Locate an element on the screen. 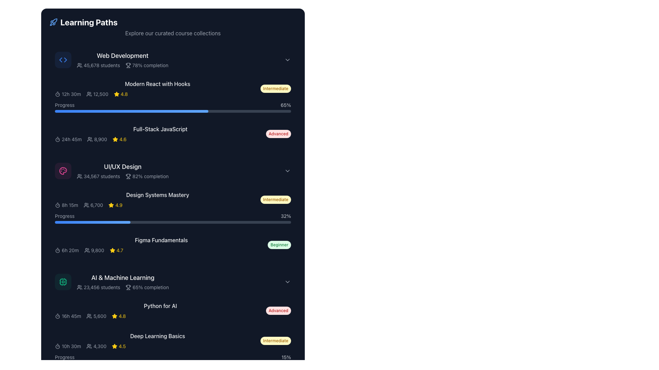 This screenshot has width=659, height=370. the Course overview section for 'Figma Fundamentals', which displays the course title, duration, student count, rating, and skill level is located at coordinates (173, 244).